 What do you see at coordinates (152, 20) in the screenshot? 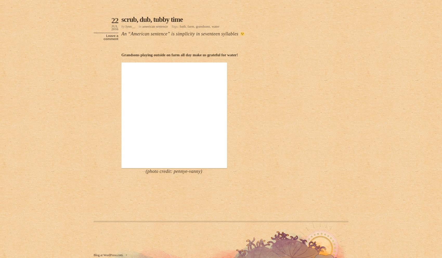
I see `'scrub, dub, tubby time'` at bounding box center [152, 20].